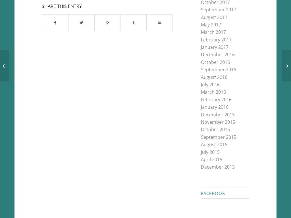  What do you see at coordinates (214, 47) in the screenshot?
I see `'January 2017'` at bounding box center [214, 47].